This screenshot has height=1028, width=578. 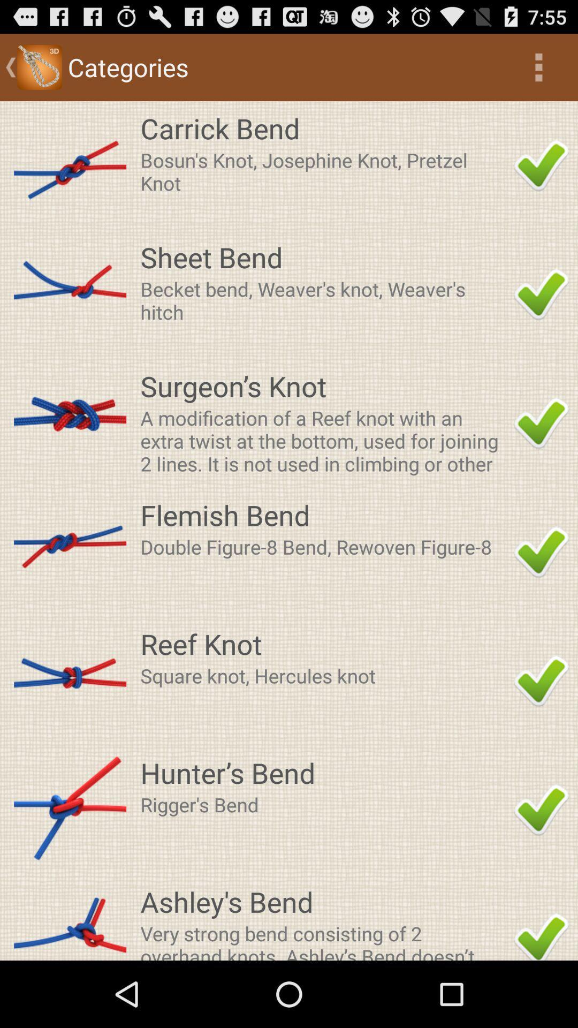 I want to click on item next to categories icon, so click(x=538, y=66).